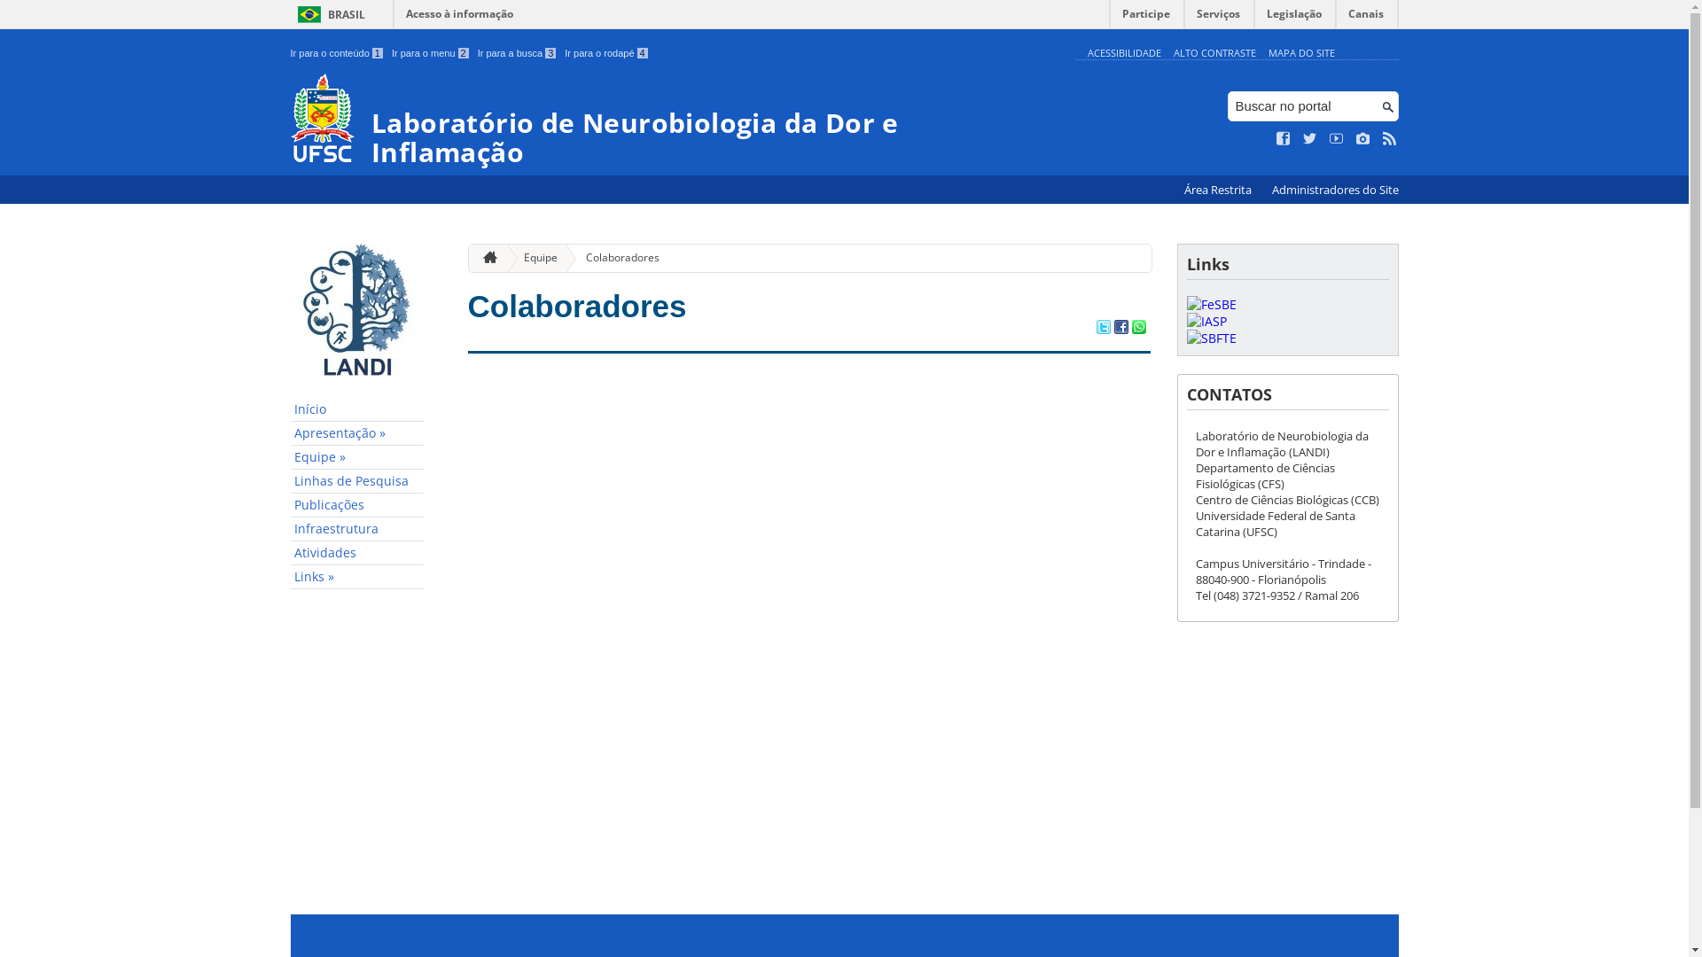 The height and width of the screenshot is (957, 1702). Describe the element at coordinates (1310, 138) in the screenshot. I see `'Siga no Twitter'` at that location.